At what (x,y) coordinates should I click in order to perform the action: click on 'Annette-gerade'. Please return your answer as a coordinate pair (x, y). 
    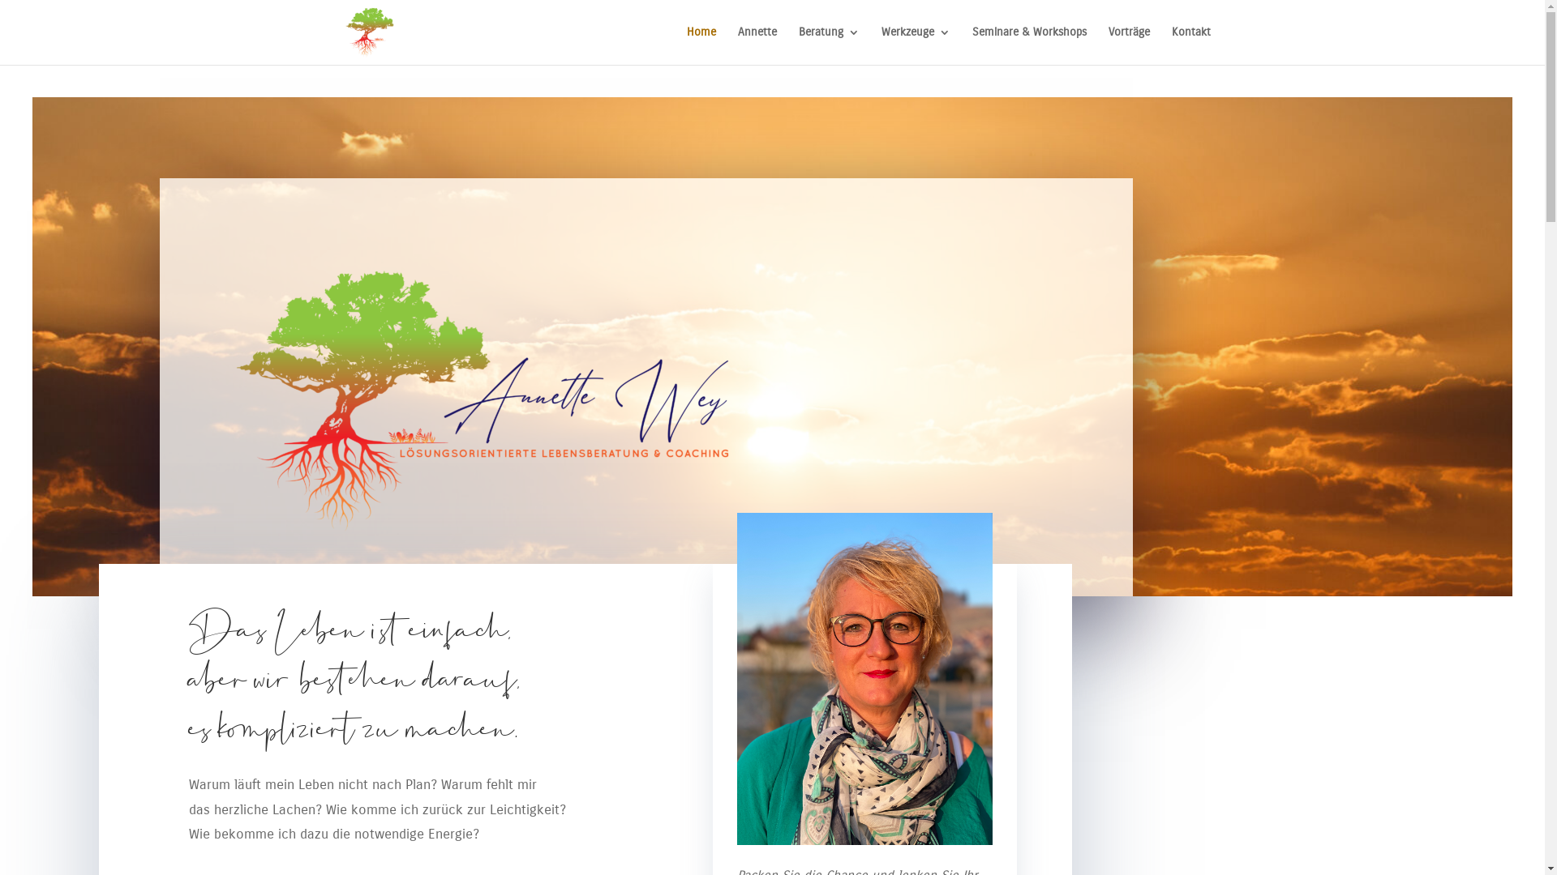
    Looking at the image, I should click on (864, 678).